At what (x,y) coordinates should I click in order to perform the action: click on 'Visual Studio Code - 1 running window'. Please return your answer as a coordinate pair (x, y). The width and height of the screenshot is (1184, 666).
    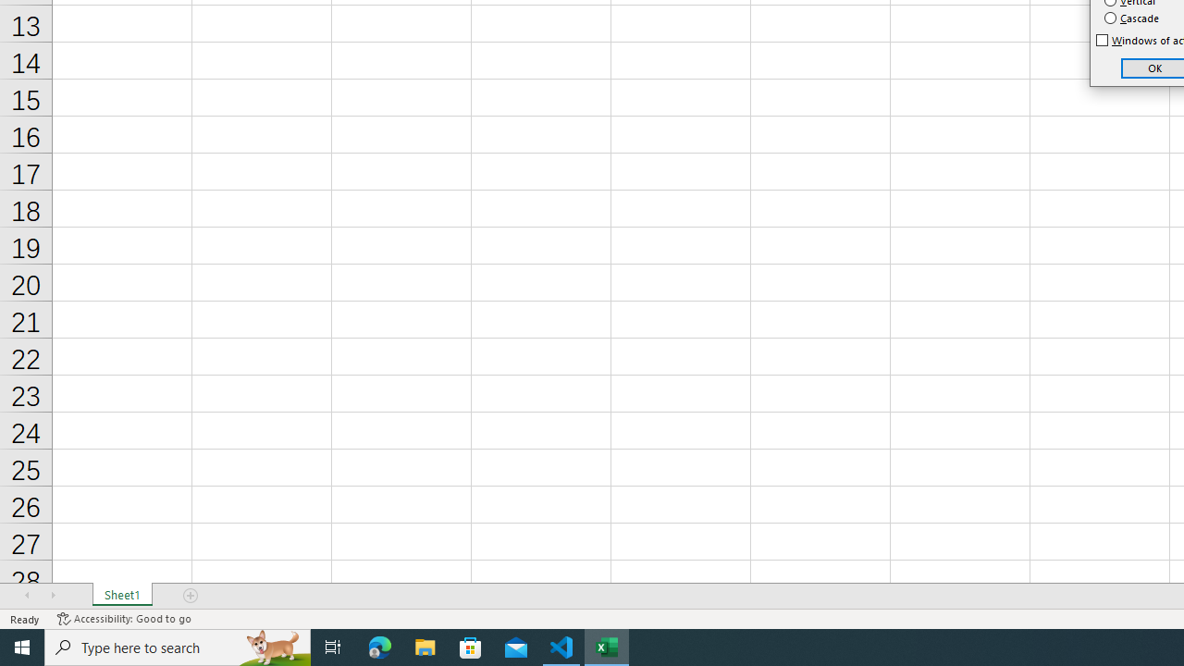
    Looking at the image, I should click on (561, 646).